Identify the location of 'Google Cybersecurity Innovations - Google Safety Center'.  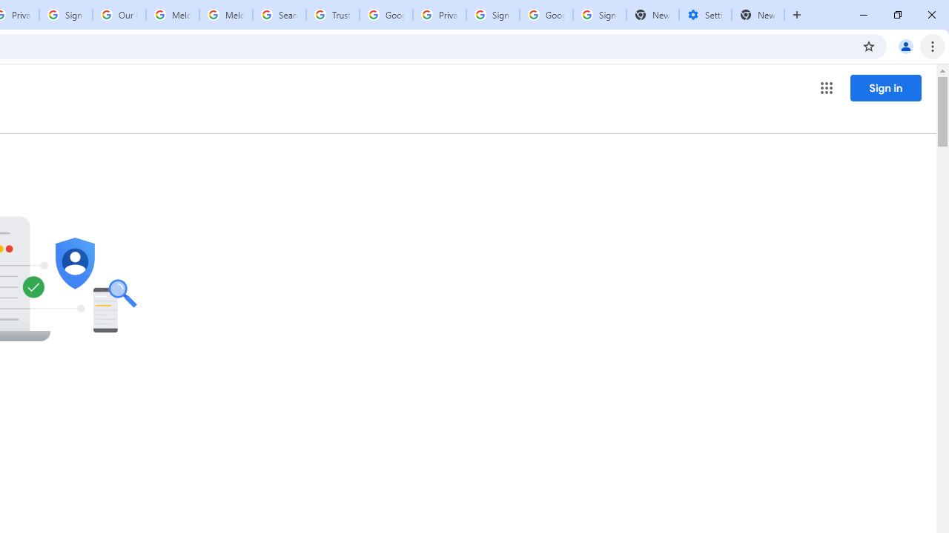
(546, 15).